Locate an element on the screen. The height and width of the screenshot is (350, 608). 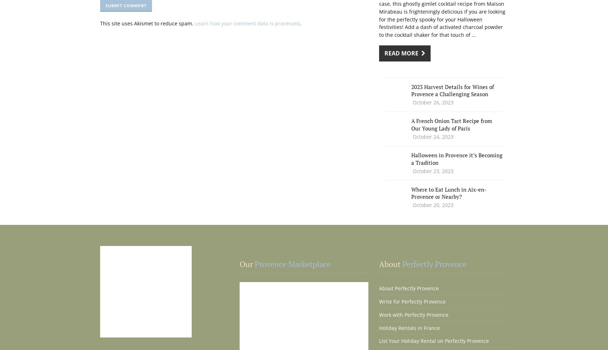
'READ MORE' is located at coordinates (403, 53).